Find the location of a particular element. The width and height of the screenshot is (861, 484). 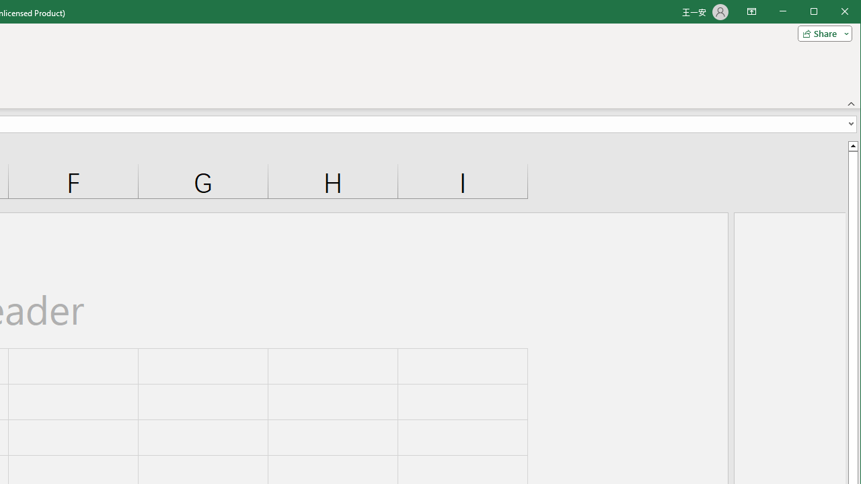

'Collapse the Ribbon' is located at coordinates (851, 103).